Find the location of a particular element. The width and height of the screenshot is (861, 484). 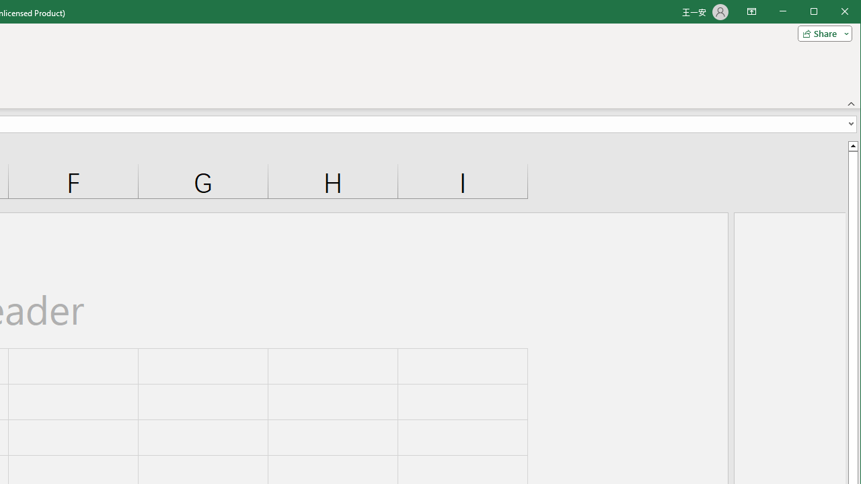

'Collapse the Ribbon' is located at coordinates (851, 103).